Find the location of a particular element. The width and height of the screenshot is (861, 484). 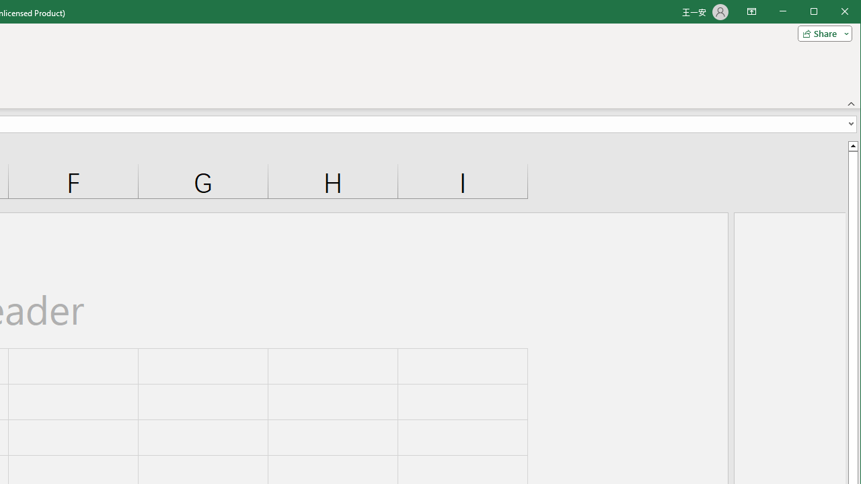

'Collapse the Ribbon' is located at coordinates (851, 103).